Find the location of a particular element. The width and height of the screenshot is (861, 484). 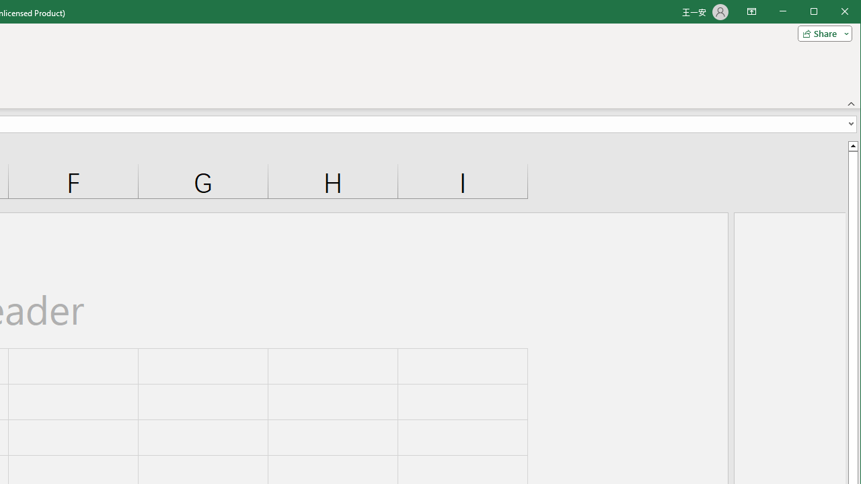

'Collapse the Ribbon' is located at coordinates (851, 103).